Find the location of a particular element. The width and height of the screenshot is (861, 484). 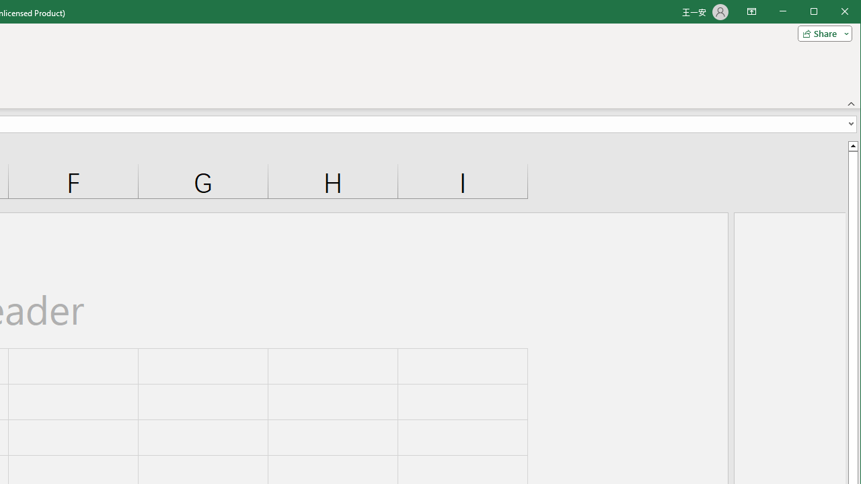

'Collapse the Ribbon' is located at coordinates (851, 103).